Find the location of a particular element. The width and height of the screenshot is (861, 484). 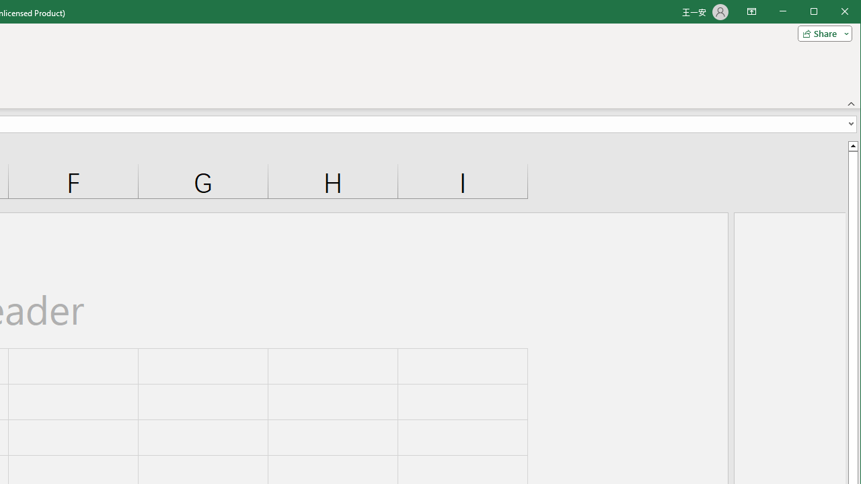

'Collapse the Ribbon' is located at coordinates (851, 103).